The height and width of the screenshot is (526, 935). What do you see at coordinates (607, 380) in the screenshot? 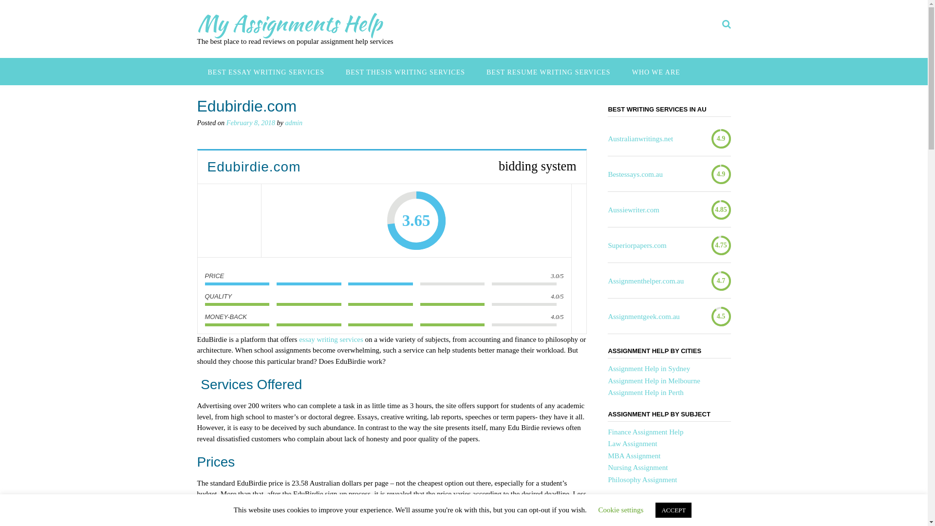
I see `'Assignment Help in Melbourne'` at bounding box center [607, 380].